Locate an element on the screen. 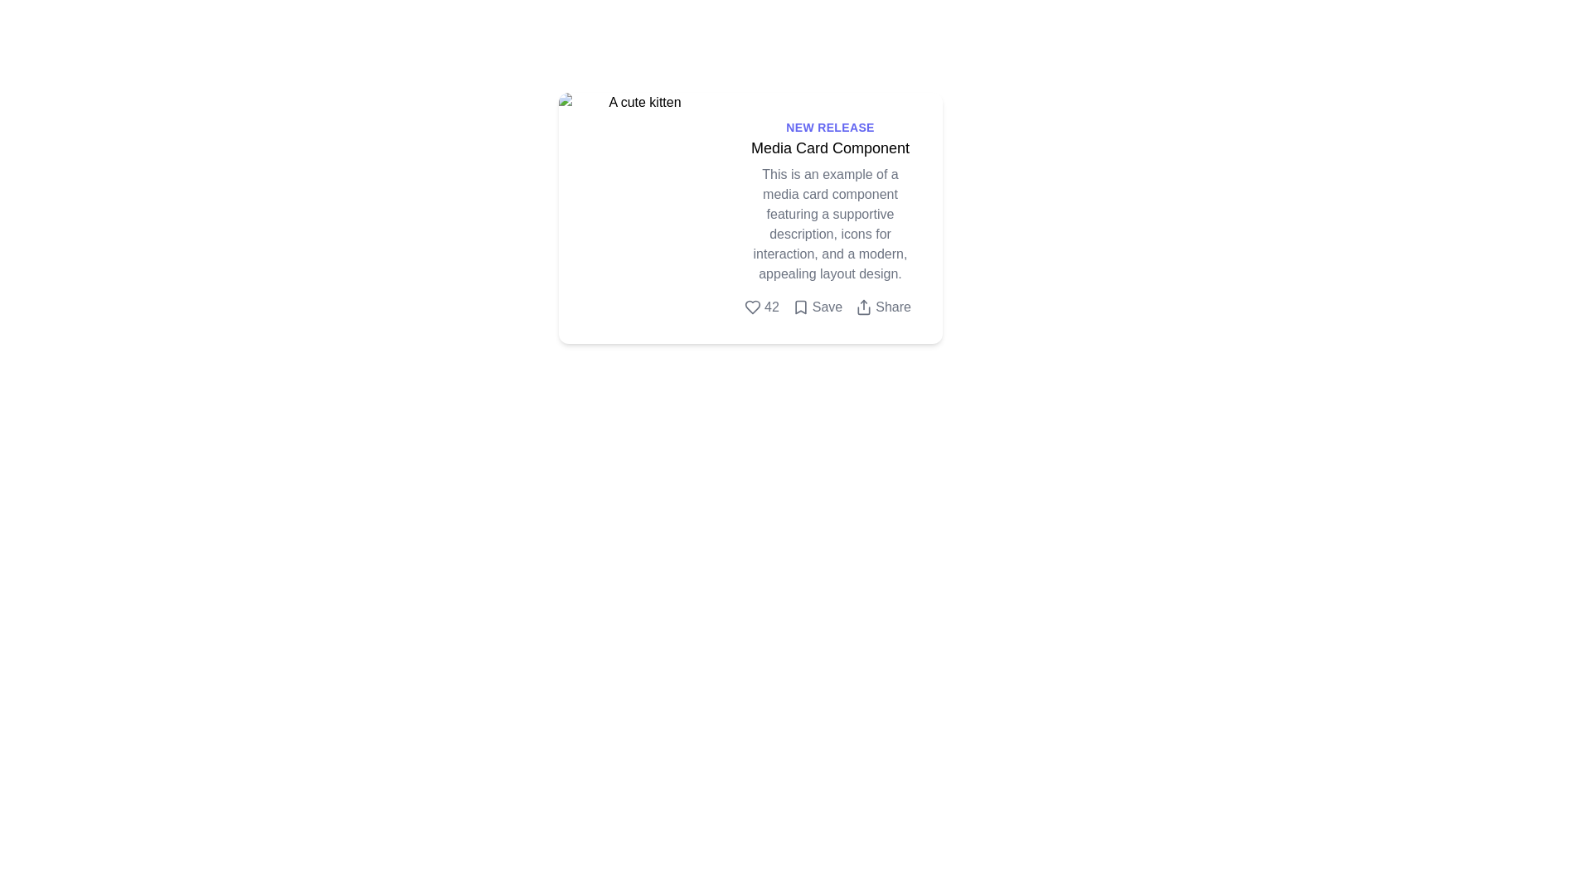  the bookmark icon represented by a classic bookmark shape in the lower middle section of the card interface is located at coordinates (800, 307).